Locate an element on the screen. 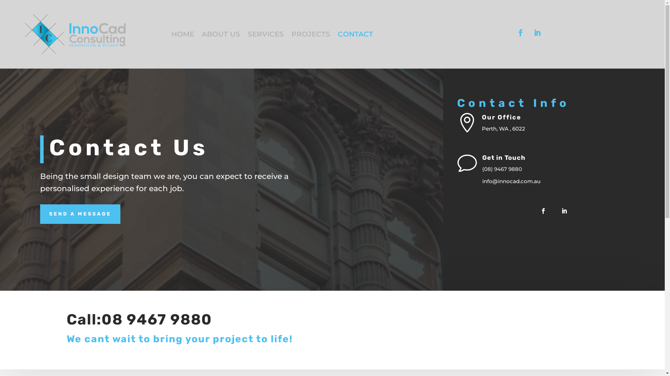 This screenshot has width=670, height=376. 'SEND A MESSAGE' is located at coordinates (80, 213).